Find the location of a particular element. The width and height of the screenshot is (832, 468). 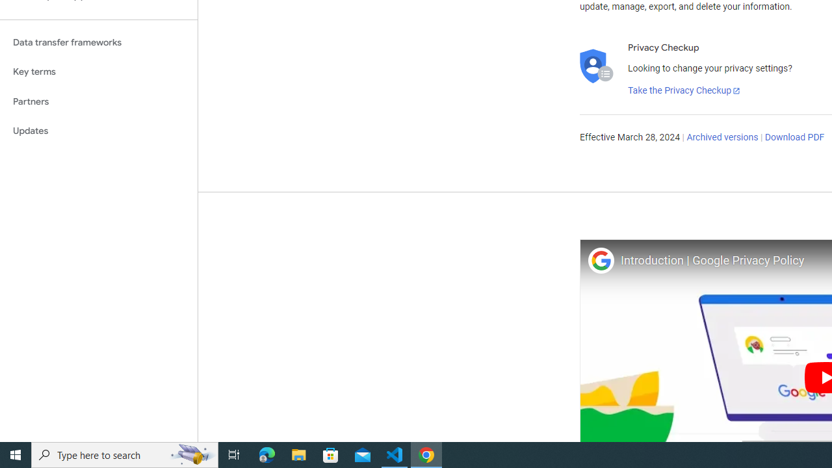

'Photo image of Google' is located at coordinates (600, 260).